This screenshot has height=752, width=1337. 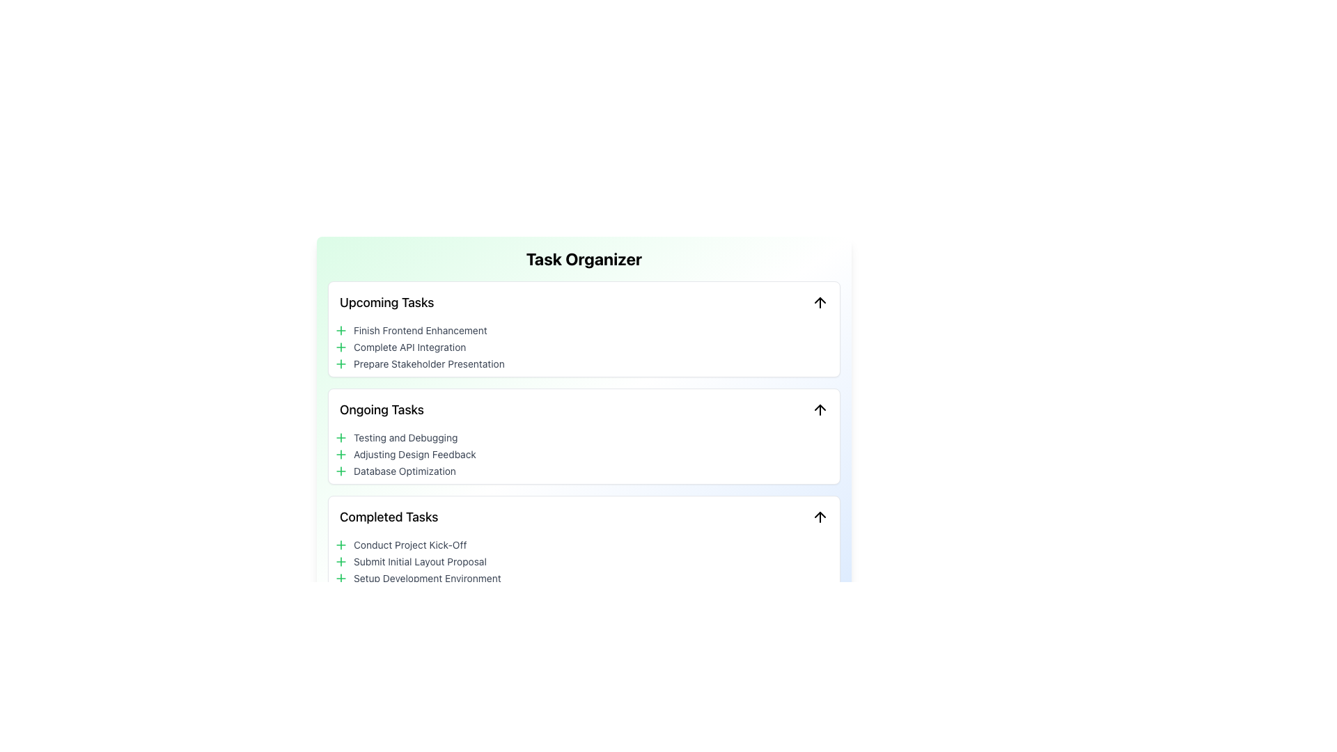 What do you see at coordinates (419, 561) in the screenshot?
I see `the Static Text Label that represents the description of a completed task, located in the 'Completed Tasks' section, positioned below 'Conduct Project Kick-Off' and above 'Setup Development Environment'` at bounding box center [419, 561].